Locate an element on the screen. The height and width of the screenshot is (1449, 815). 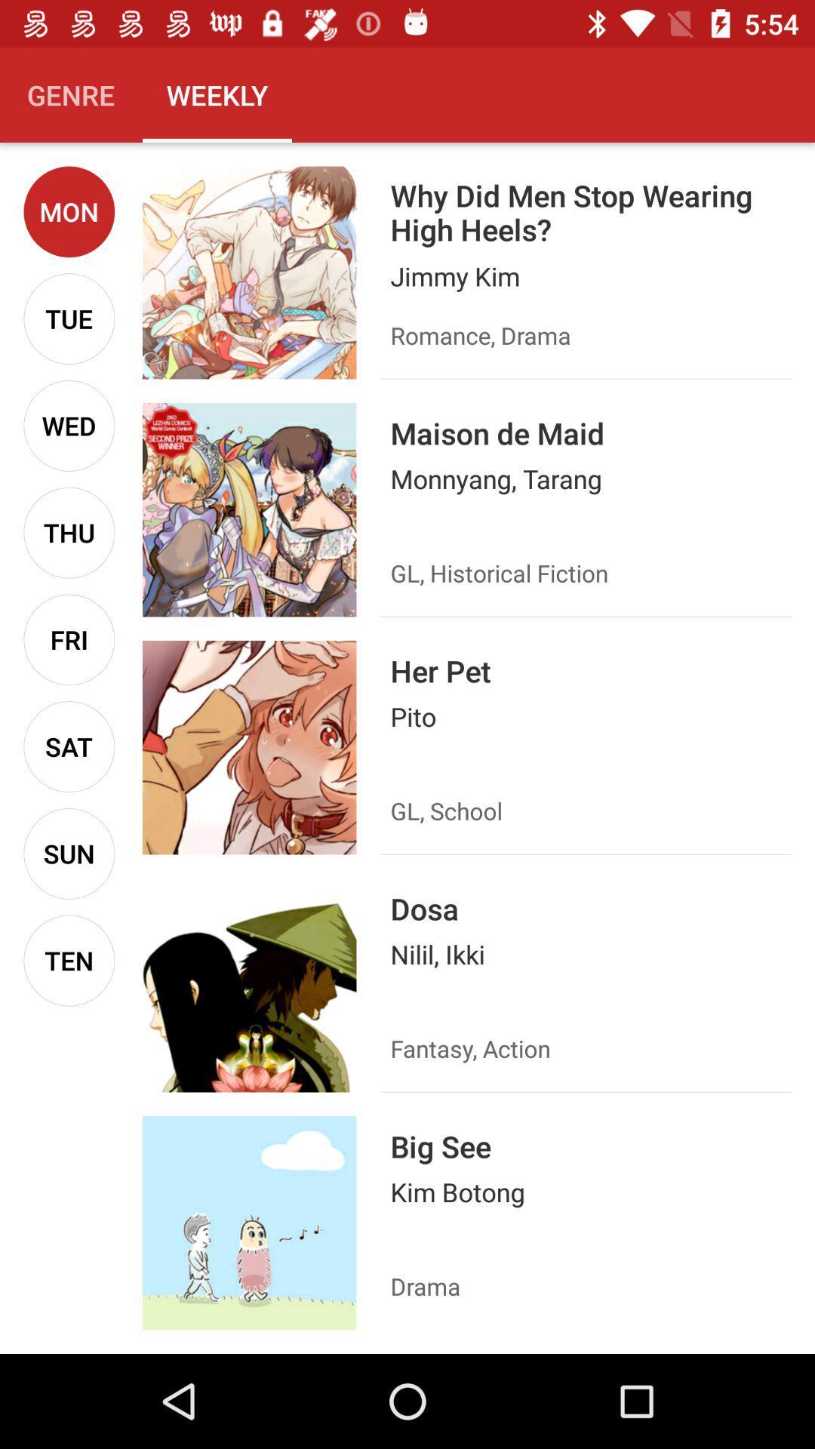
icon above thu item is located at coordinates (69, 425).